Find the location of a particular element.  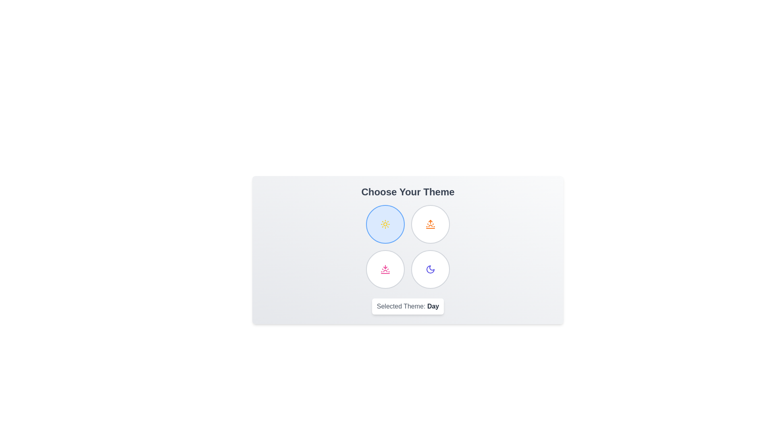

the theme Night by clicking on its respective button is located at coordinates (430, 269).